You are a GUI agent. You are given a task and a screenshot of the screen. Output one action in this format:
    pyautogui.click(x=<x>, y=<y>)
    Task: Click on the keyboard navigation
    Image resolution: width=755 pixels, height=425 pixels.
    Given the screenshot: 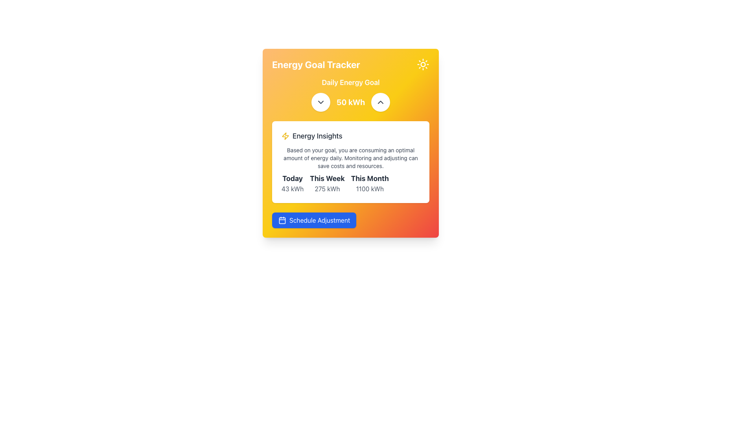 What is the action you would take?
    pyautogui.click(x=314, y=220)
    